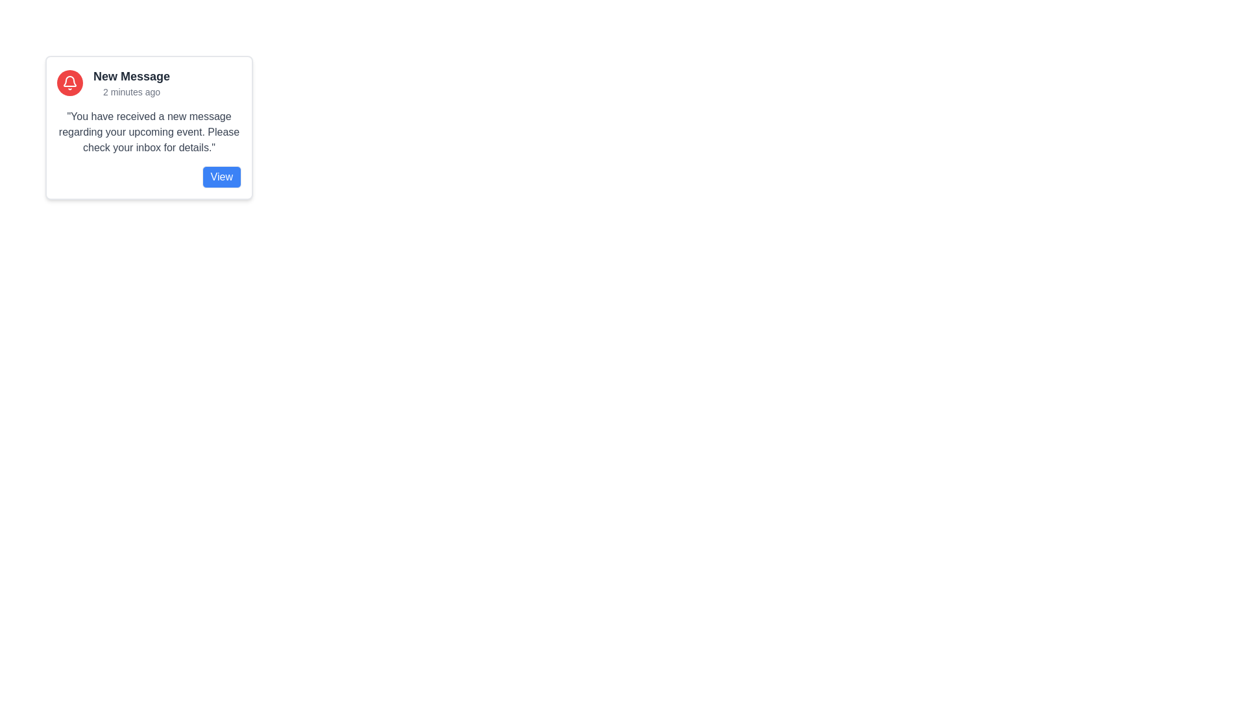  I want to click on the button located at the bottom right of the notification card, so click(221, 177).